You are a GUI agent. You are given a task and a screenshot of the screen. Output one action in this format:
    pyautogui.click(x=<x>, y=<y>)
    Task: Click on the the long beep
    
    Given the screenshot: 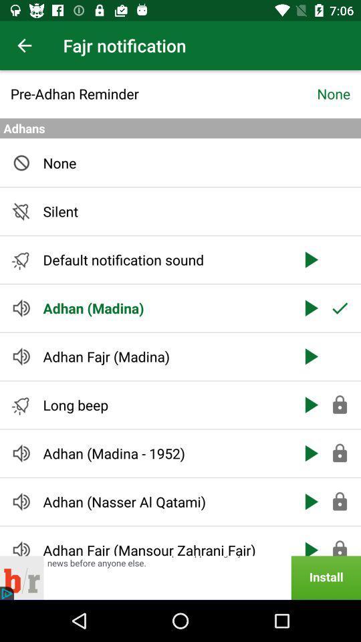 What is the action you would take?
    pyautogui.click(x=164, y=404)
    